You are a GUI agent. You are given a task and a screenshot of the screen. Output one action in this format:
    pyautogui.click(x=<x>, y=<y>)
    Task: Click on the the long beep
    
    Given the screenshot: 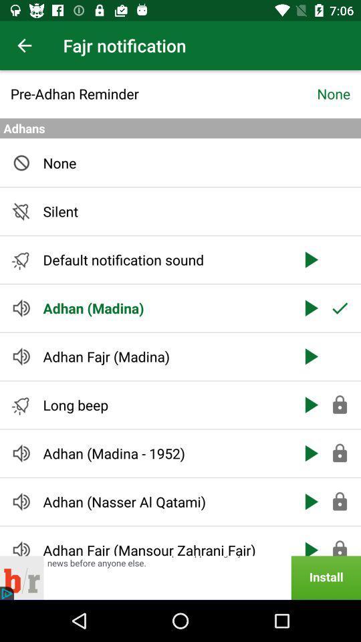 What is the action you would take?
    pyautogui.click(x=164, y=404)
    